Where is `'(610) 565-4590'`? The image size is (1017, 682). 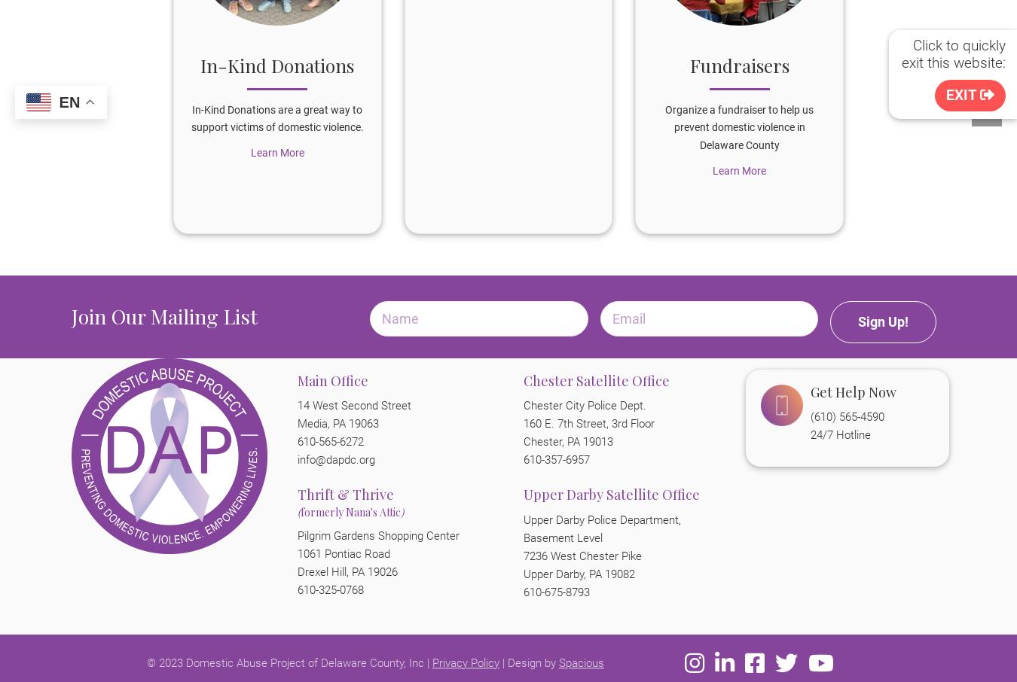 '(610) 565-4590' is located at coordinates (847, 416).